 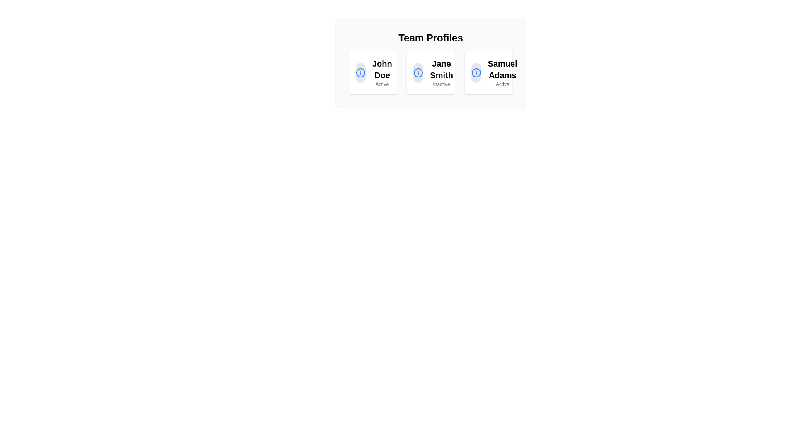 I want to click on the text label displaying 'John Doe Active' located at the top section of the first card in a 3-column layout, so click(x=381, y=69).